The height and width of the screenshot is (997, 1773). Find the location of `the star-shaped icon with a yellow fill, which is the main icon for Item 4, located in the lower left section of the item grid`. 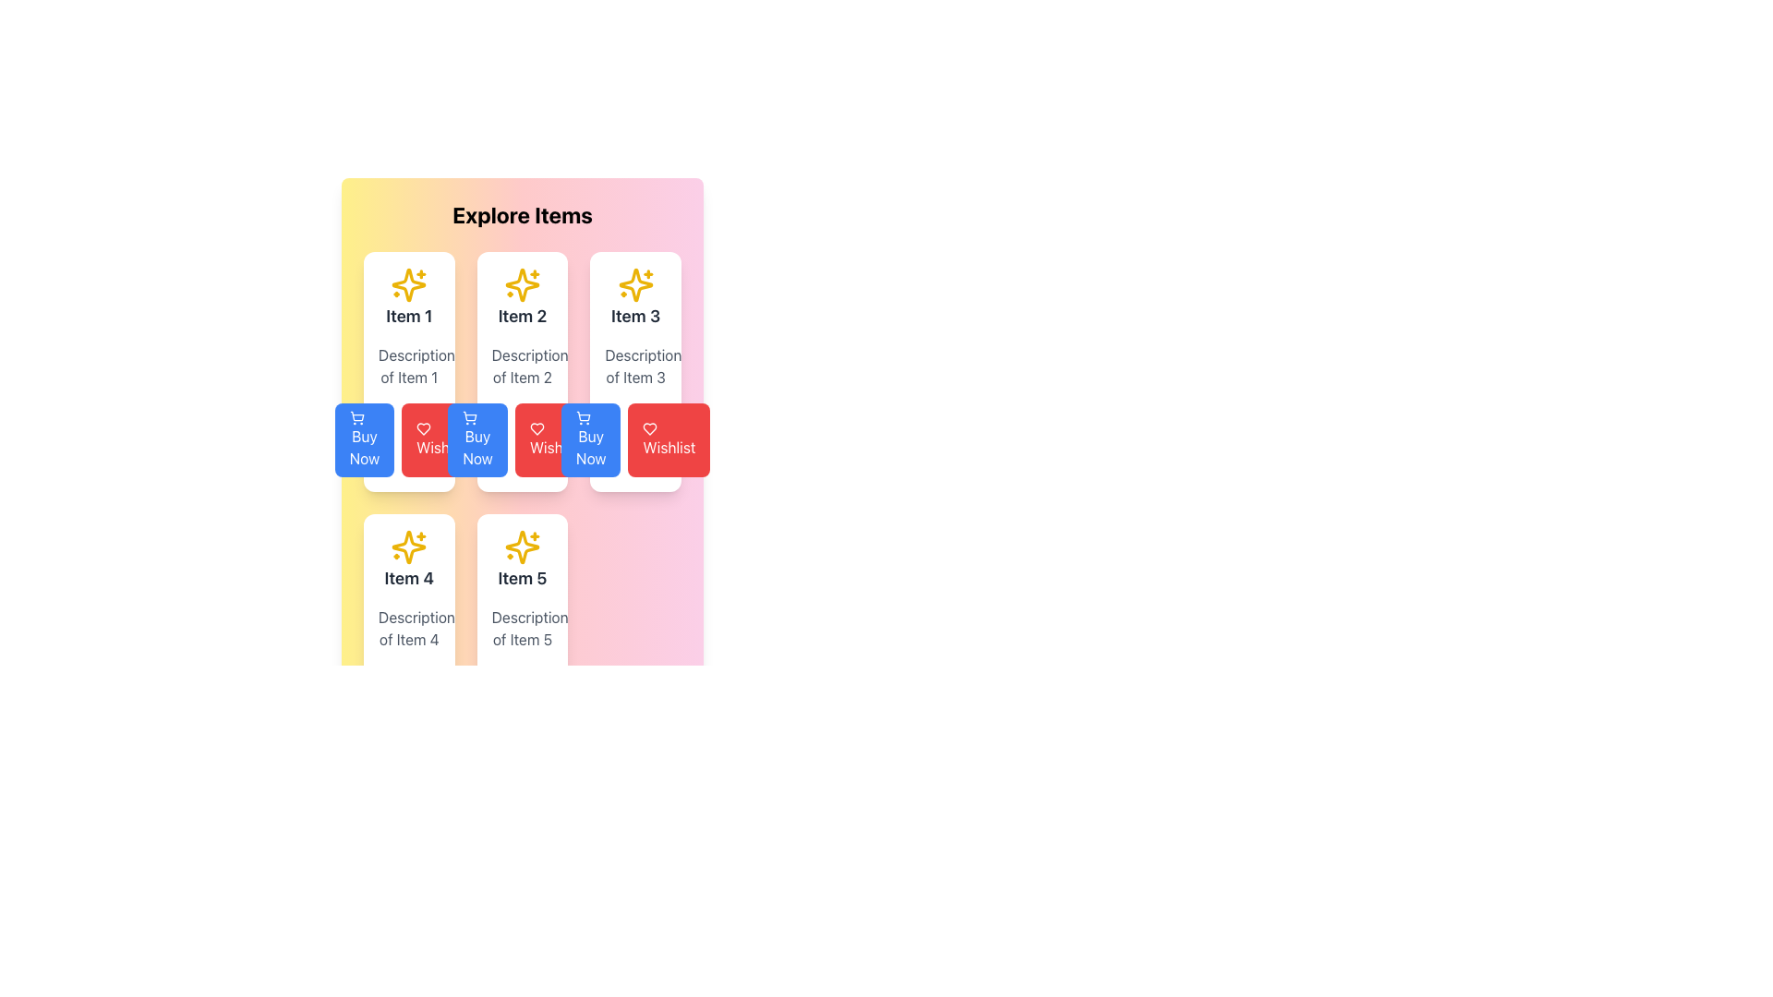

the star-shaped icon with a yellow fill, which is the main icon for Item 4, located in the lower left section of the item grid is located at coordinates (408, 547).